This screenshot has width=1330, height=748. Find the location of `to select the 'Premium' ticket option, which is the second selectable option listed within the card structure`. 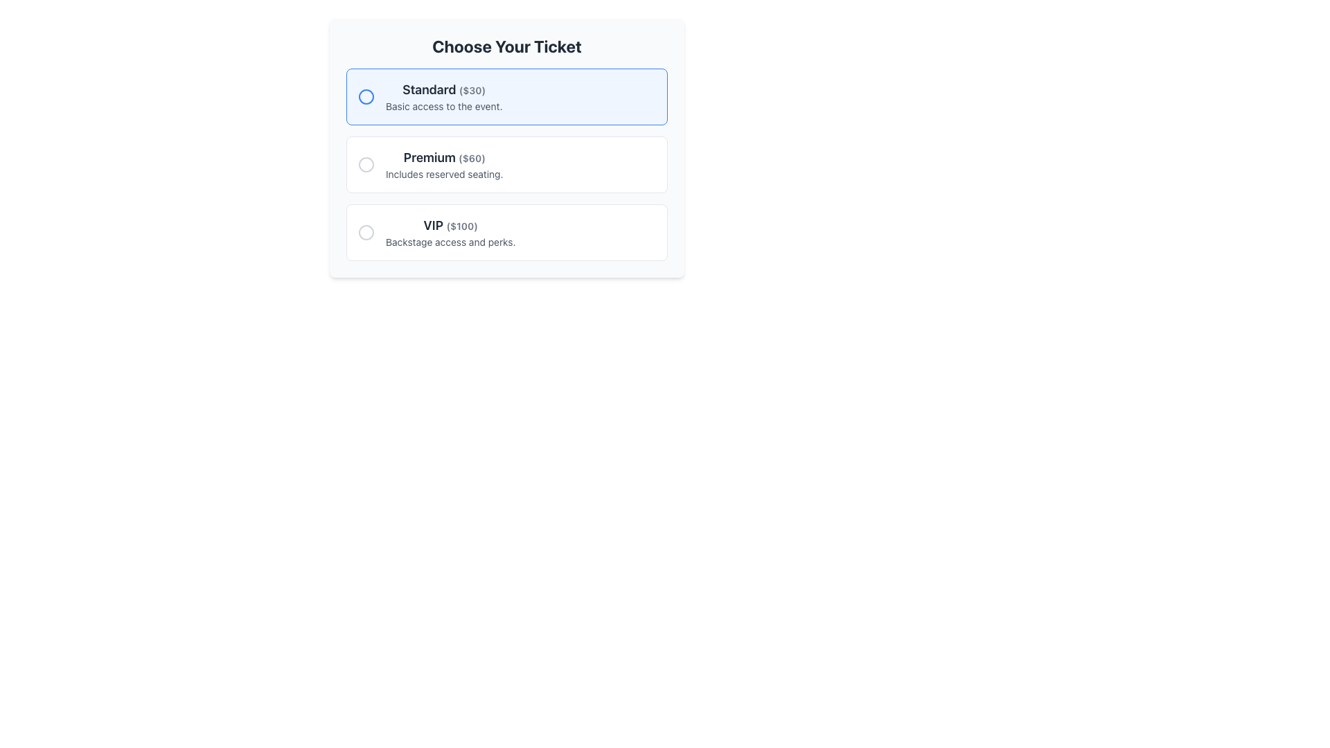

to select the 'Premium' ticket option, which is the second selectable option listed within the card structure is located at coordinates (506, 148).